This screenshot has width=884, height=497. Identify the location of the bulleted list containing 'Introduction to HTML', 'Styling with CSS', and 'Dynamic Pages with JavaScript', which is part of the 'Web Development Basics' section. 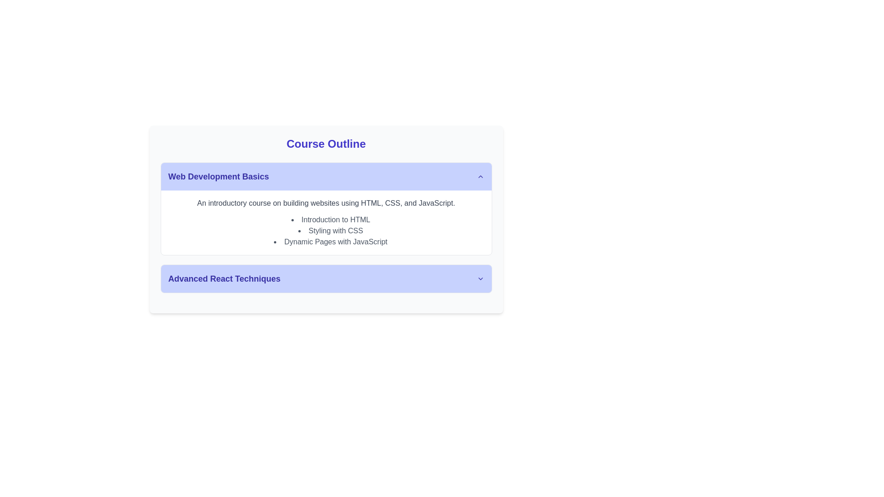
(326, 230).